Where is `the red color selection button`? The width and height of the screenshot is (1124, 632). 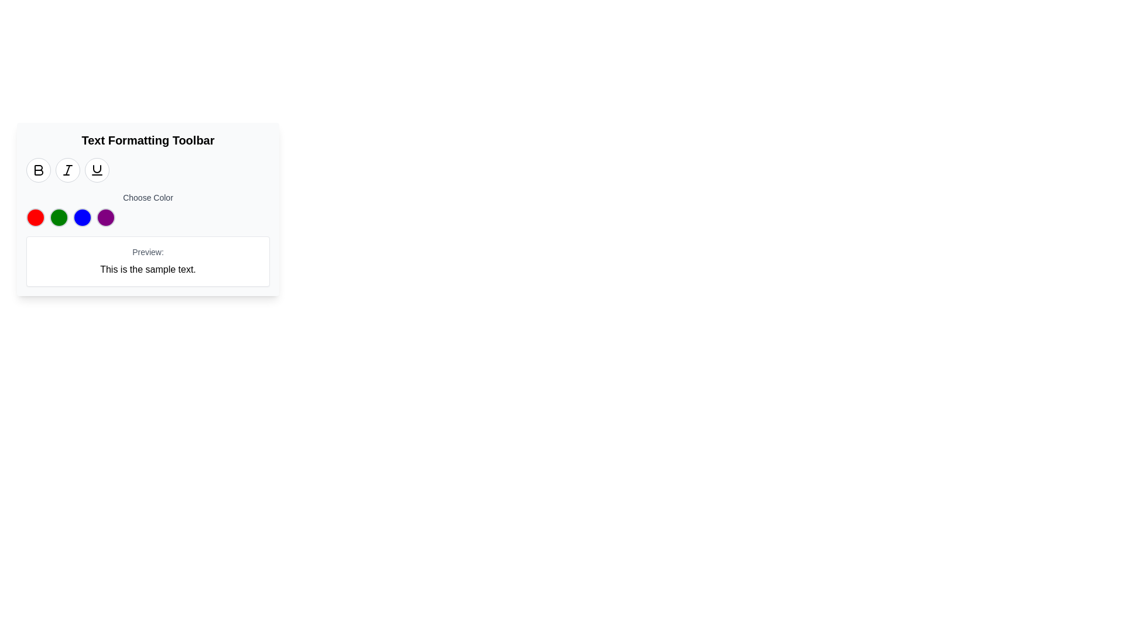 the red color selection button is located at coordinates (36, 217).